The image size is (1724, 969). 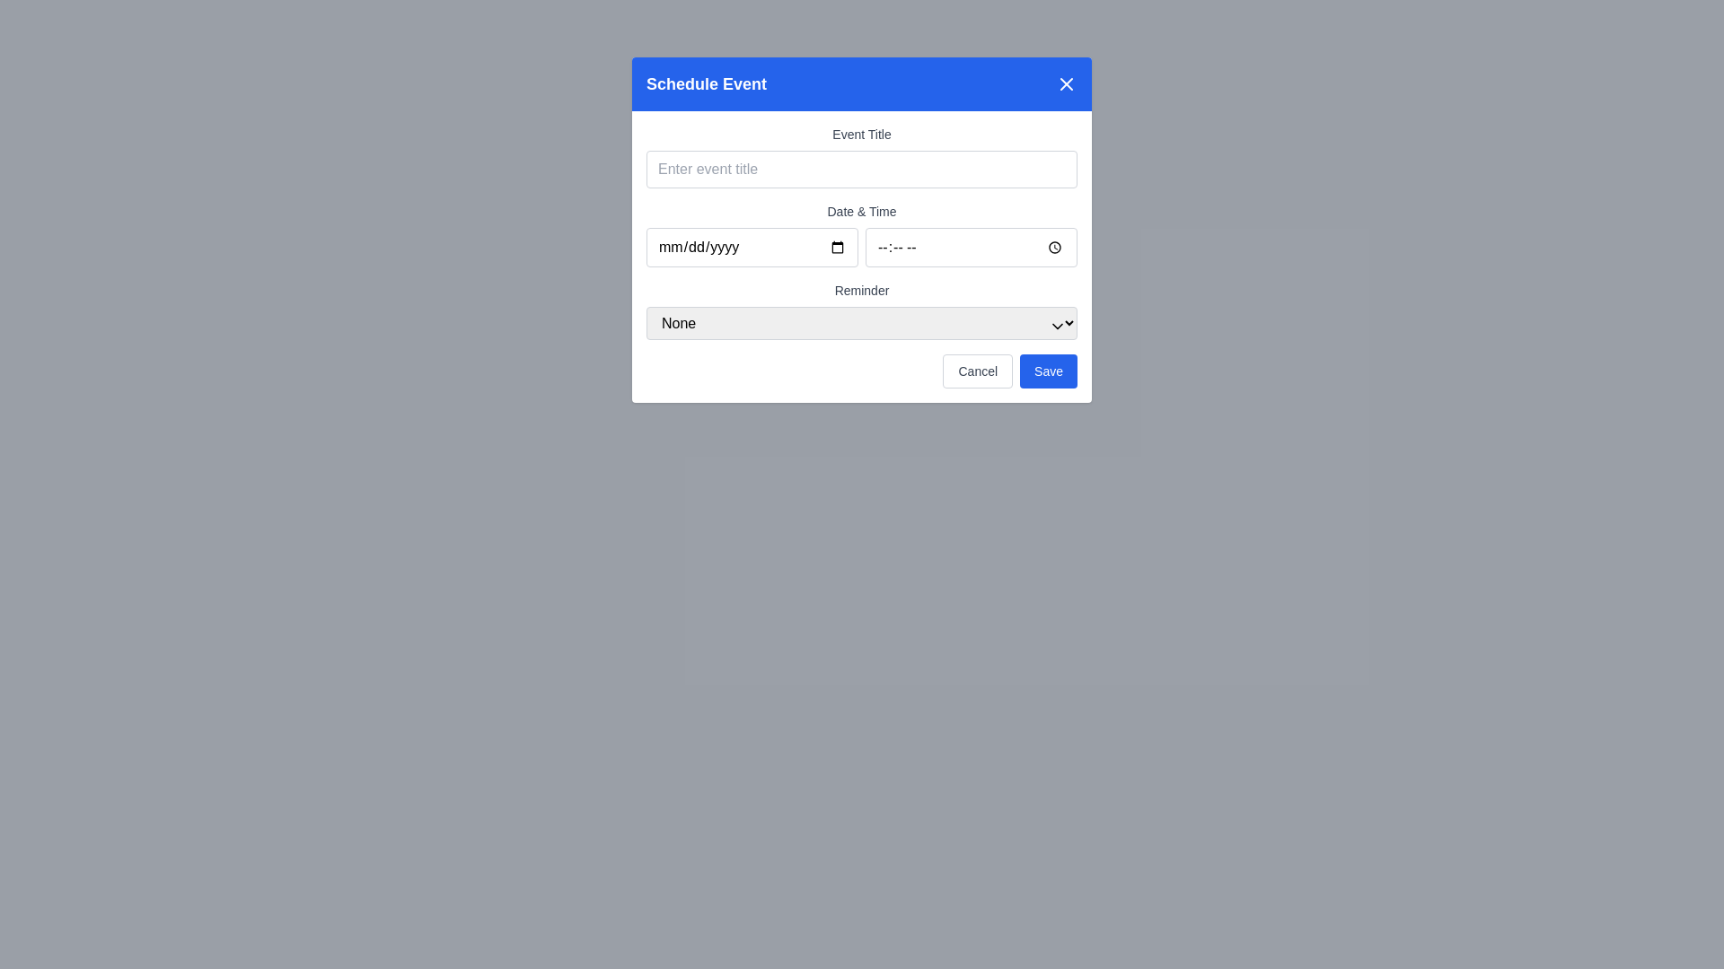 What do you see at coordinates (1067, 83) in the screenshot?
I see `the close button in the top-right corner of the modal header labeled 'Schedule Event'` at bounding box center [1067, 83].